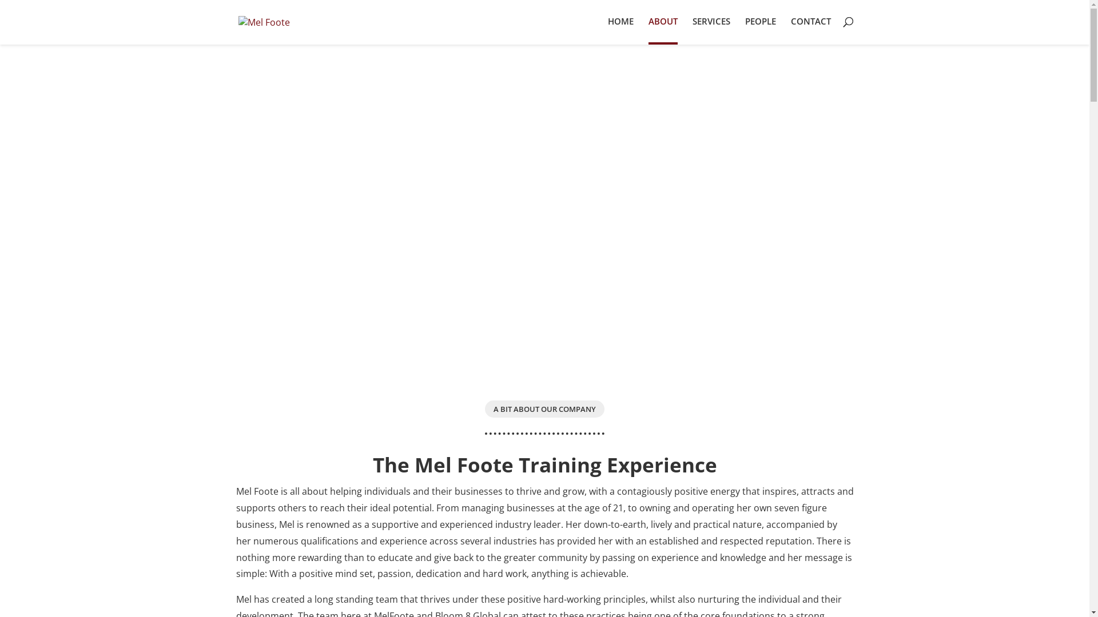 This screenshot has width=1098, height=617. What do you see at coordinates (606, 29) in the screenshot?
I see `'HOME'` at bounding box center [606, 29].